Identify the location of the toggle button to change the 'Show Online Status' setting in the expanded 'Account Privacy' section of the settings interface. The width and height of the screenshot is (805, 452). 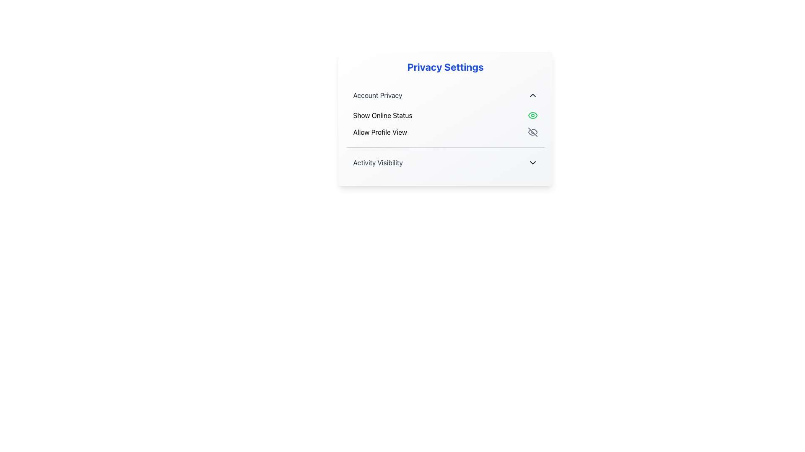
(445, 114).